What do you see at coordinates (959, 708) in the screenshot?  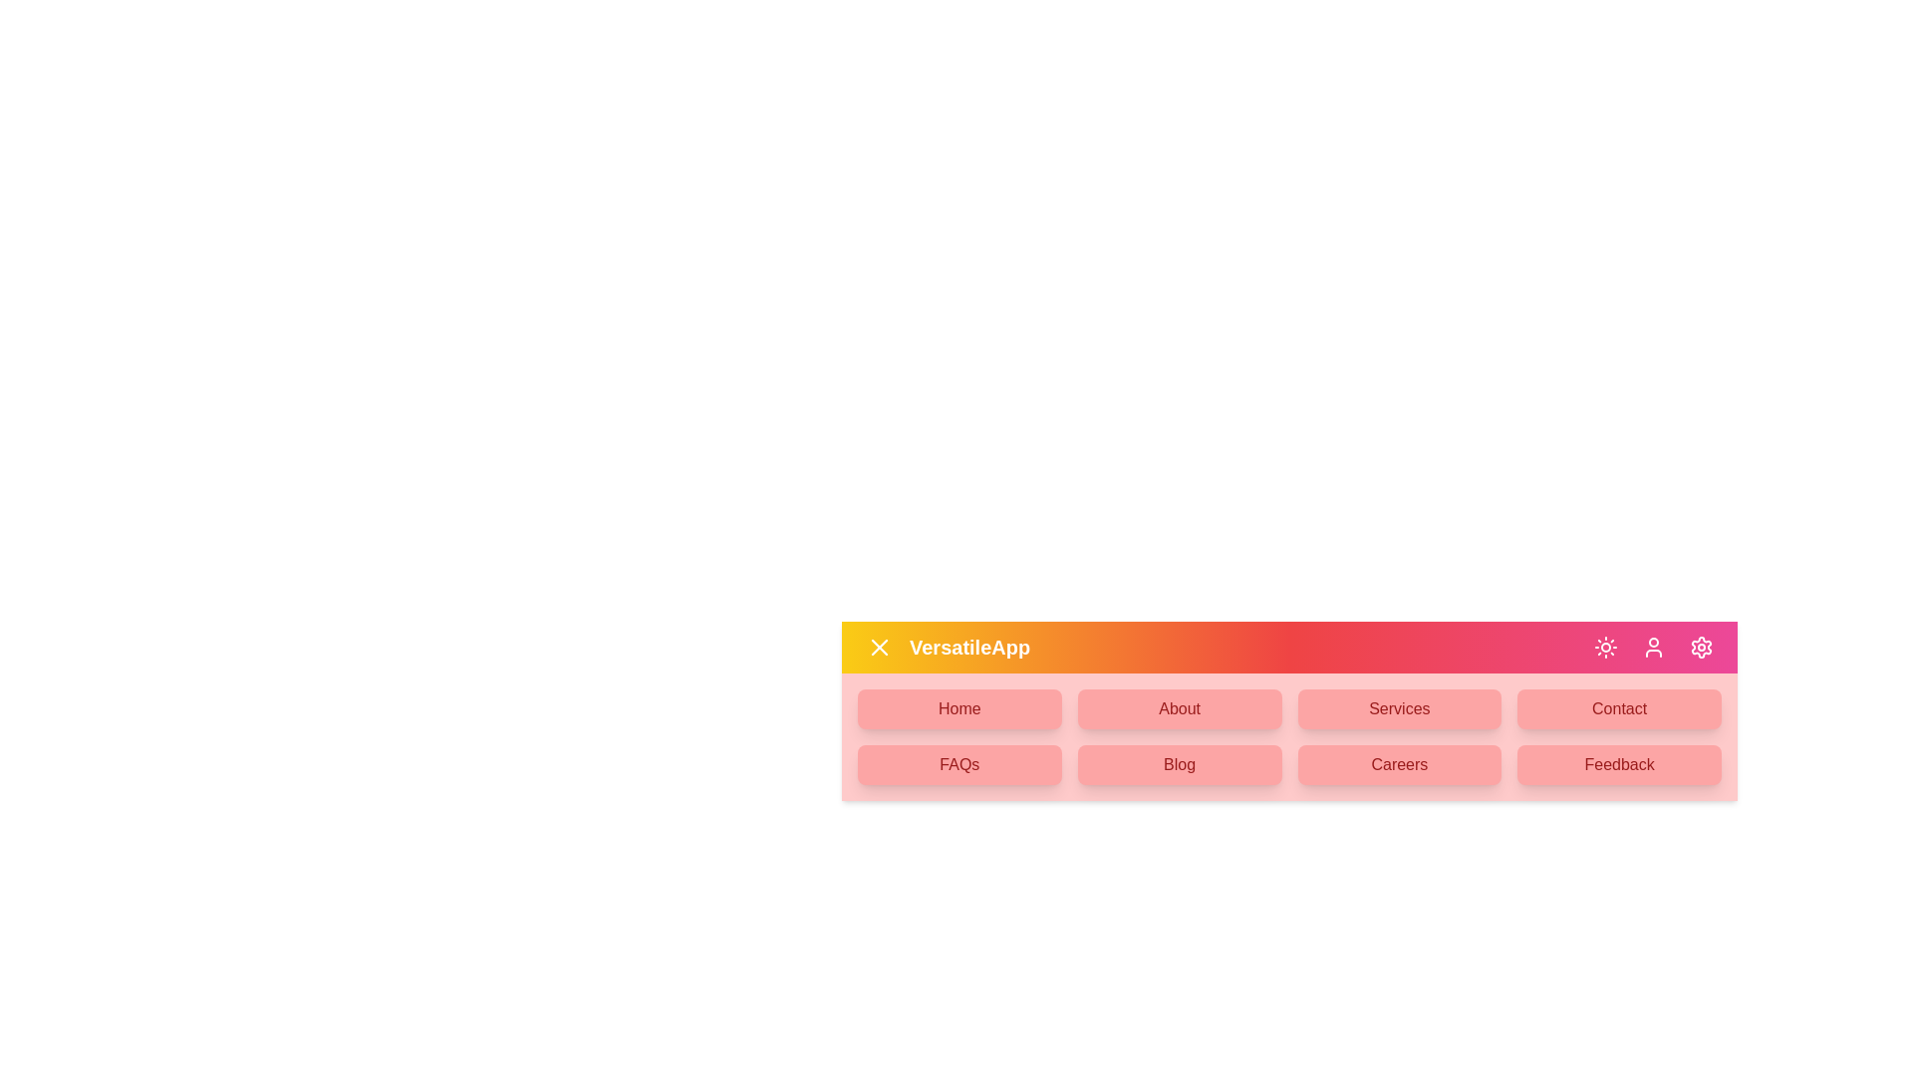 I see `the menu item Home from the available options` at bounding box center [959, 708].